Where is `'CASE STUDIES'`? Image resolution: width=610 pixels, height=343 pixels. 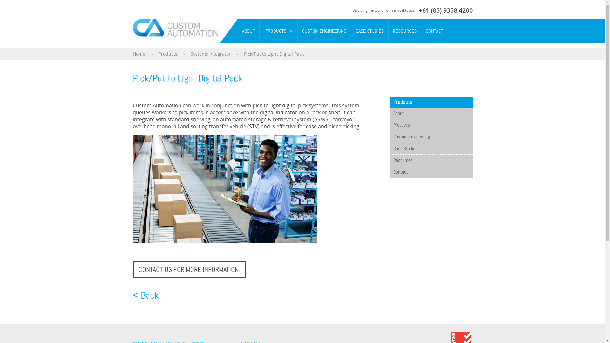 'CASE STUDIES' is located at coordinates (369, 31).